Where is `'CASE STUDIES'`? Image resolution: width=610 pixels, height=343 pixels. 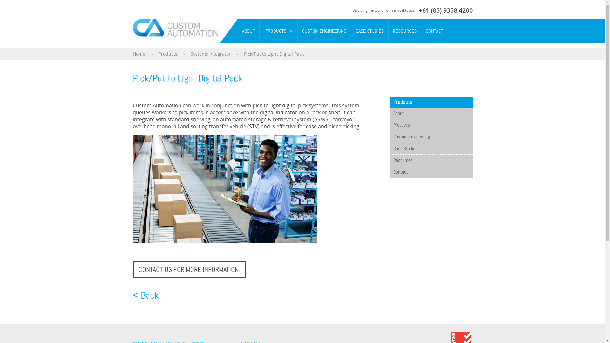 'CASE STUDIES' is located at coordinates (369, 31).